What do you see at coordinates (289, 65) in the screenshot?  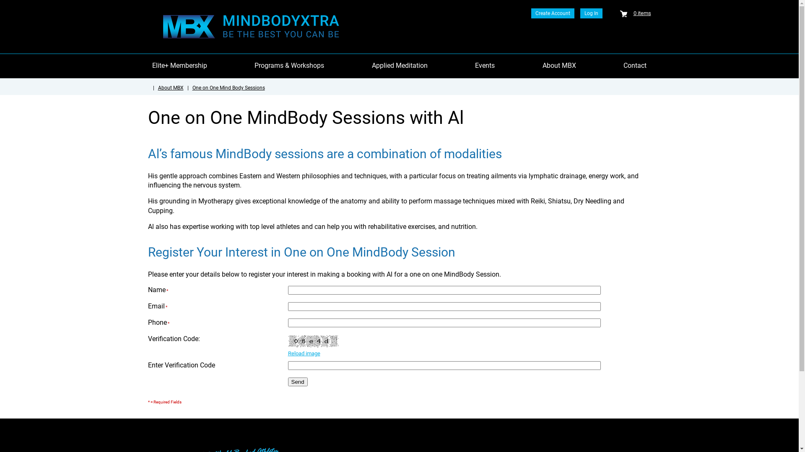 I see `'Programs & Workshops'` at bounding box center [289, 65].